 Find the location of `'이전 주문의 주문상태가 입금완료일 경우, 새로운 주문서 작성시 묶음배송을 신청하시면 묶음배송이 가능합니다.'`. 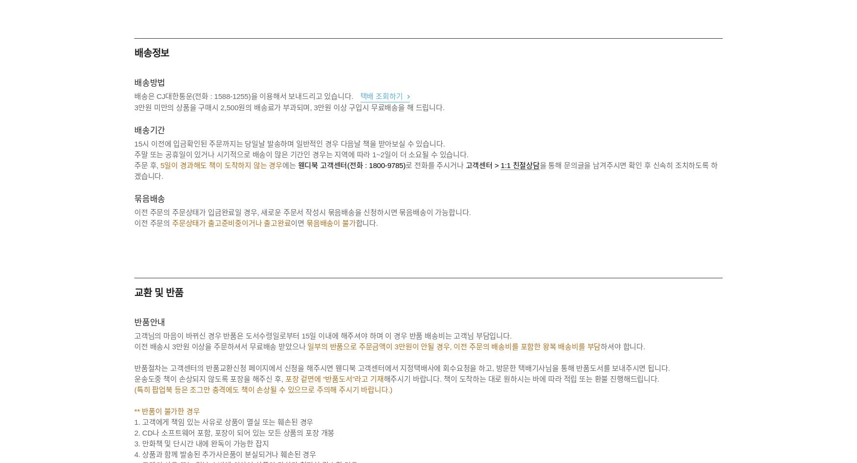

'이전 주문의 주문상태가 입금완료일 경우, 새로운 주문서 작성시 묶음배송을 신청하시면 묶음배송이 가능합니다.' is located at coordinates (302, 212).